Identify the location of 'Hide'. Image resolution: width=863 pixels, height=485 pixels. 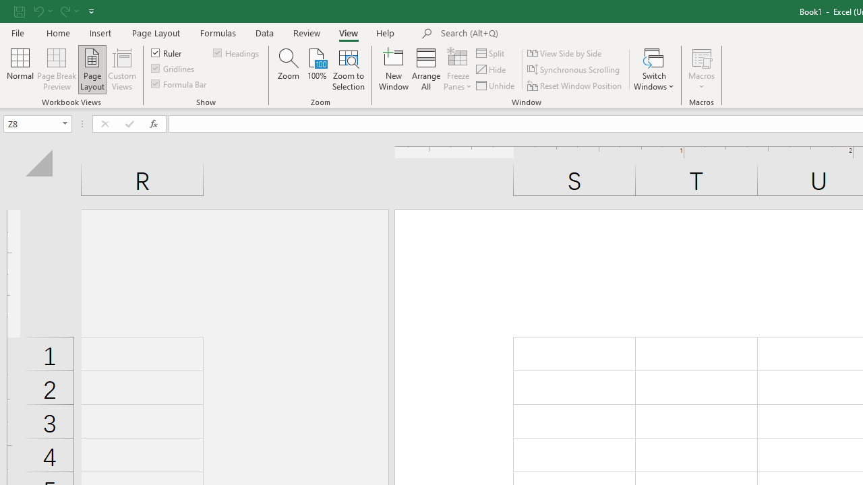
(491, 69).